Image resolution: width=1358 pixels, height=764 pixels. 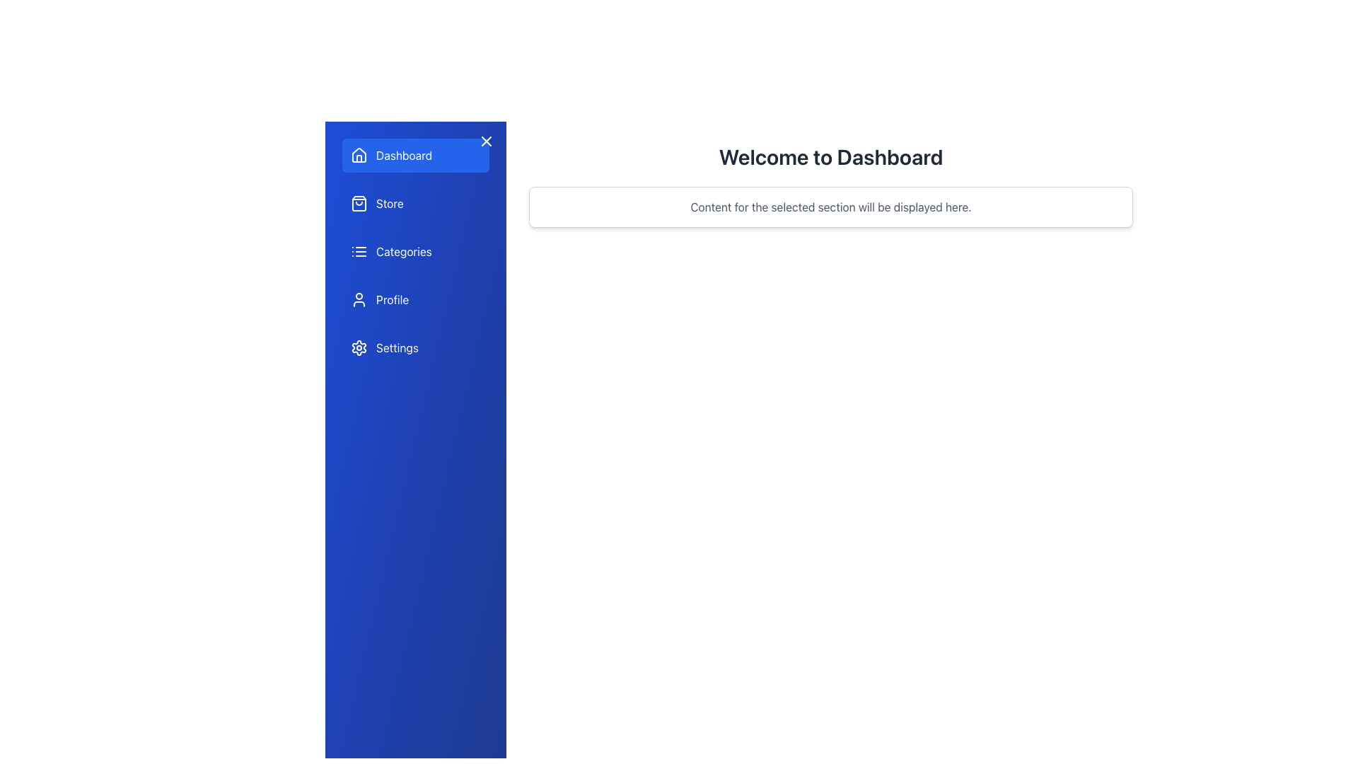 What do you see at coordinates (831, 207) in the screenshot?
I see `the Text Element located in the center-right section of the interface, below the 'Welcome to Dashboard' heading` at bounding box center [831, 207].